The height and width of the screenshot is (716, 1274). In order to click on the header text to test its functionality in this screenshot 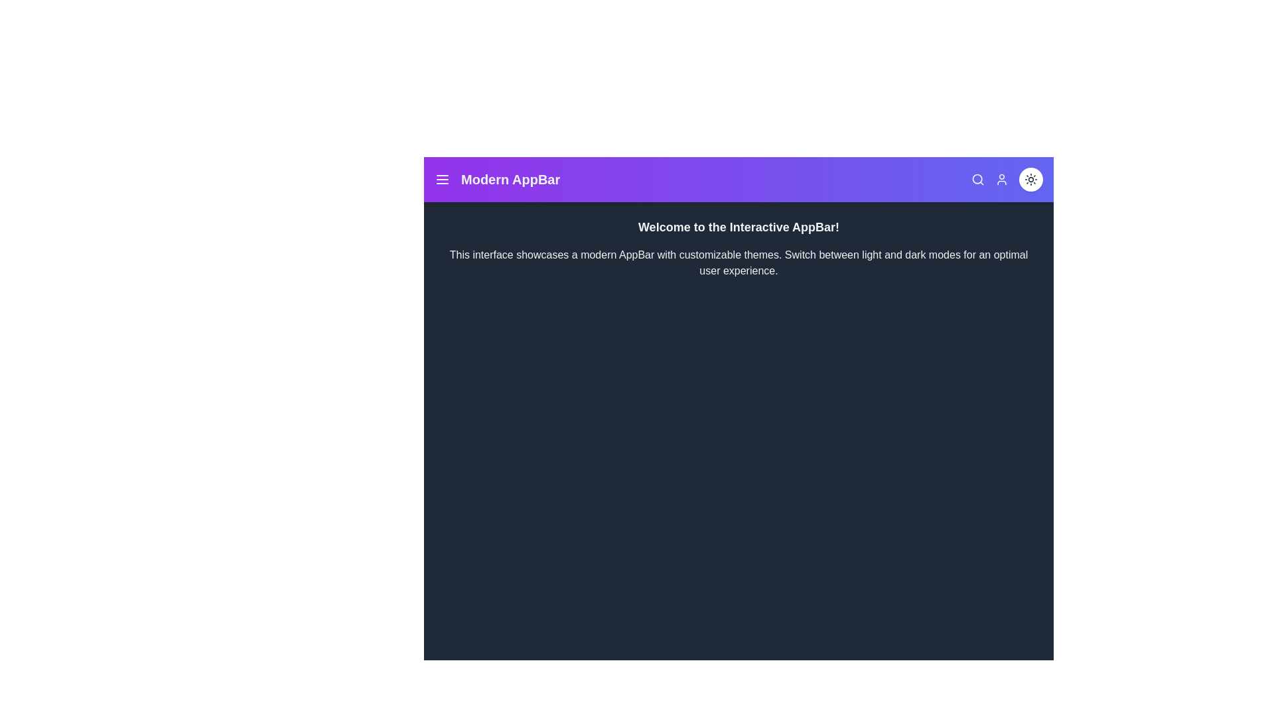, I will do `click(509, 179)`.